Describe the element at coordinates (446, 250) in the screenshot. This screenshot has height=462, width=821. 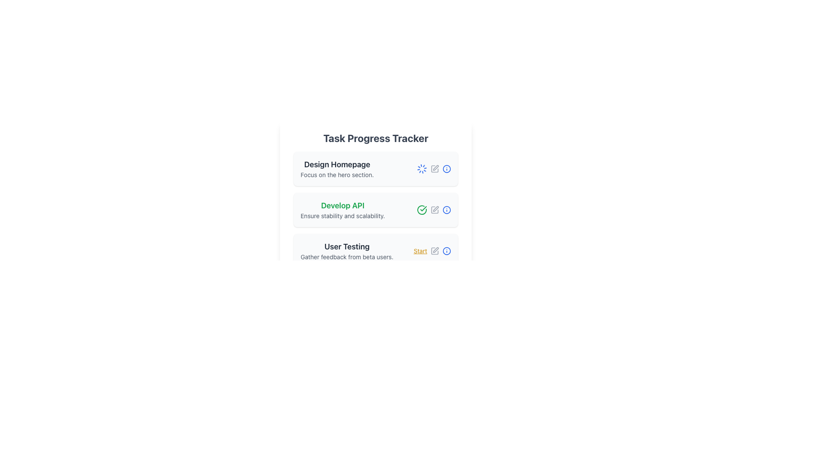
I see `the last icon in the row corresponding to 'User Testing'` at that location.